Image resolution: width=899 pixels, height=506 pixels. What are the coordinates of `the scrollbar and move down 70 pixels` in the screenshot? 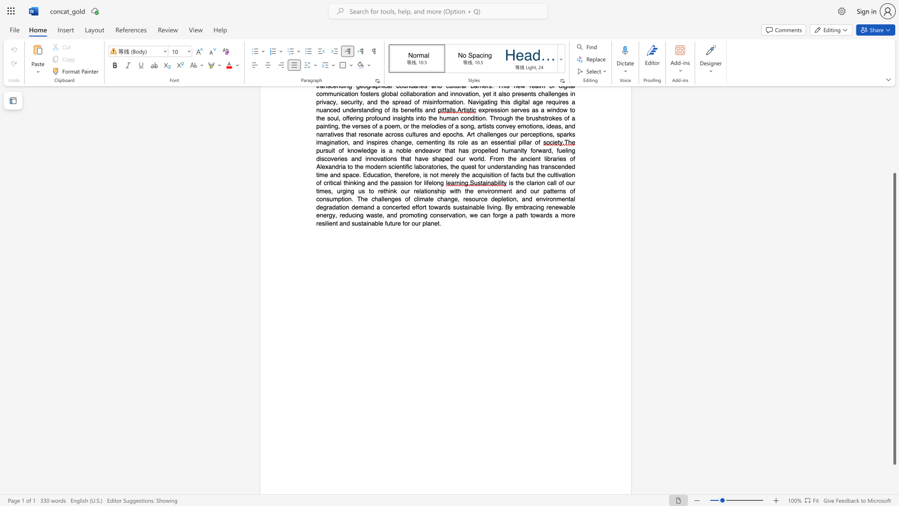 It's located at (894, 318).